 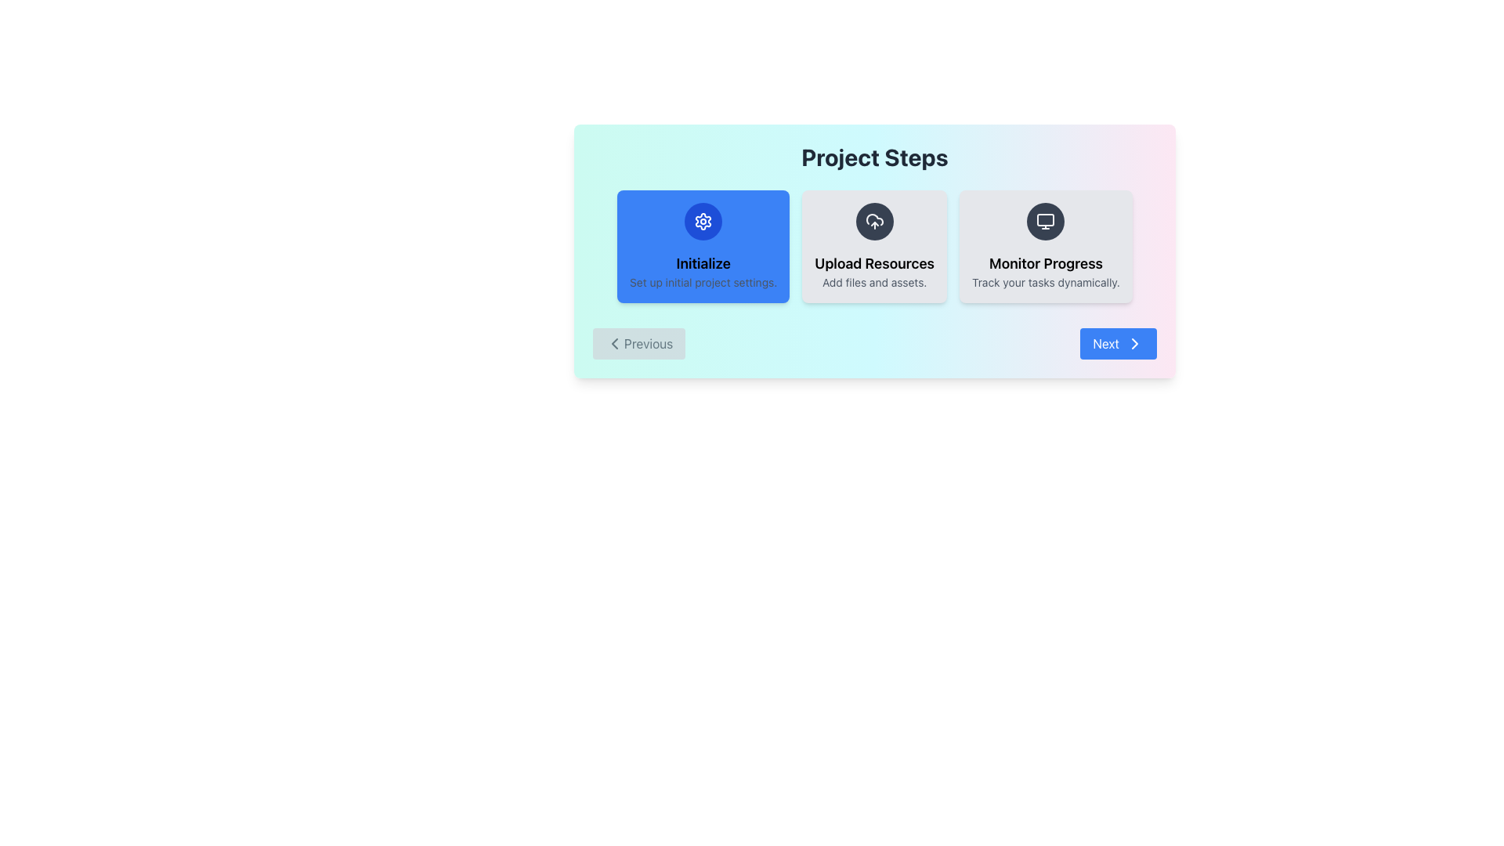 What do you see at coordinates (873, 221) in the screenshot?
I see `the cloud icon with an upward arrow in the 'Upload Resources' section to initiate file upload` at bounding box center [873, 221].